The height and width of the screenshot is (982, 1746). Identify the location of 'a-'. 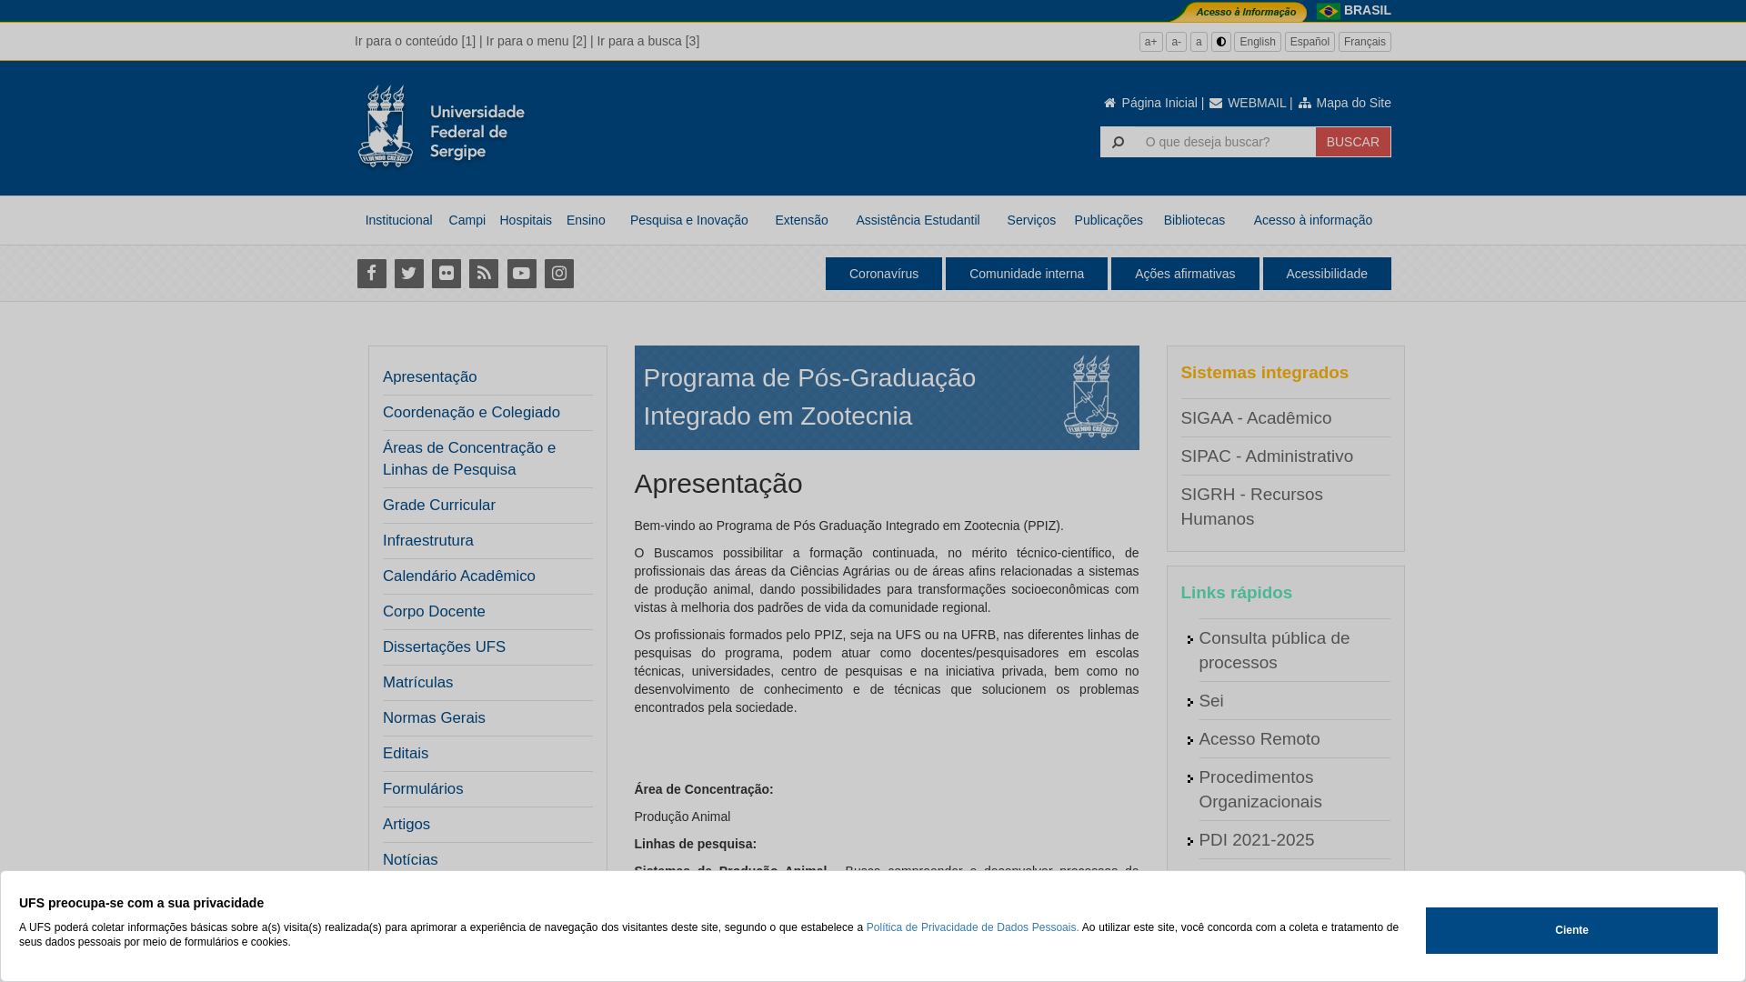
(1165, 41).